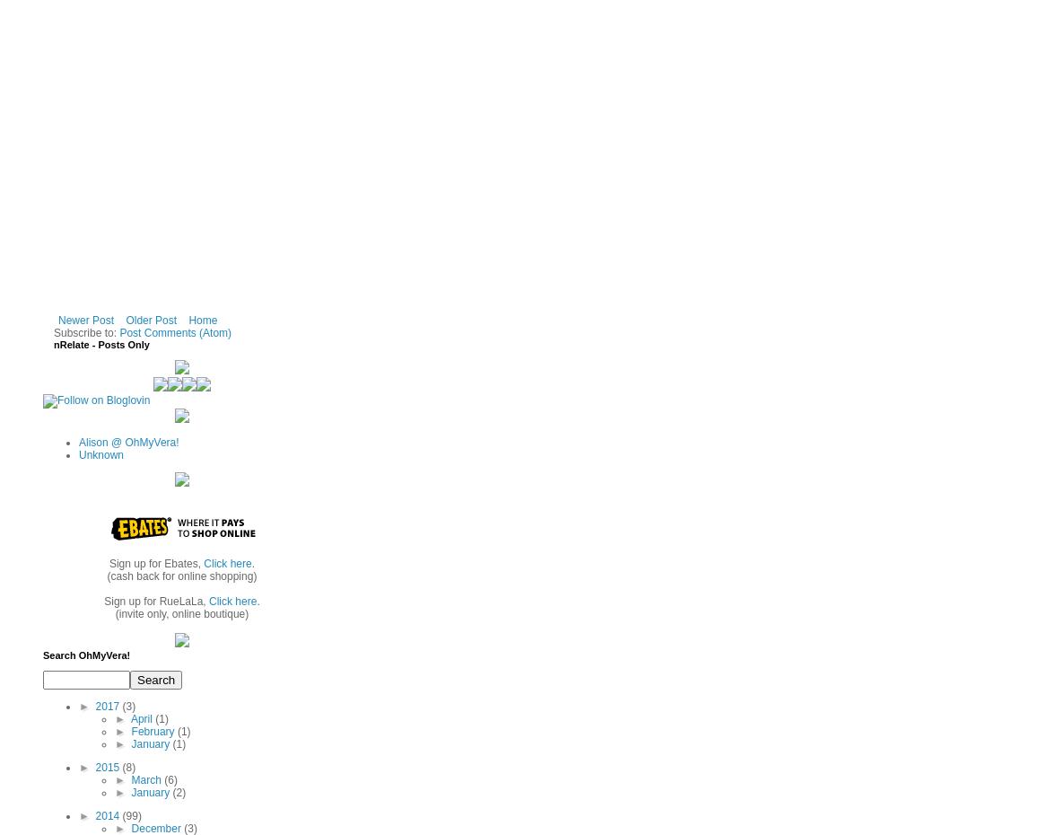 The width and height of the screenshot is (1048, 835). I want to click on 'Post Comments (Atom)', so click(175, 330).